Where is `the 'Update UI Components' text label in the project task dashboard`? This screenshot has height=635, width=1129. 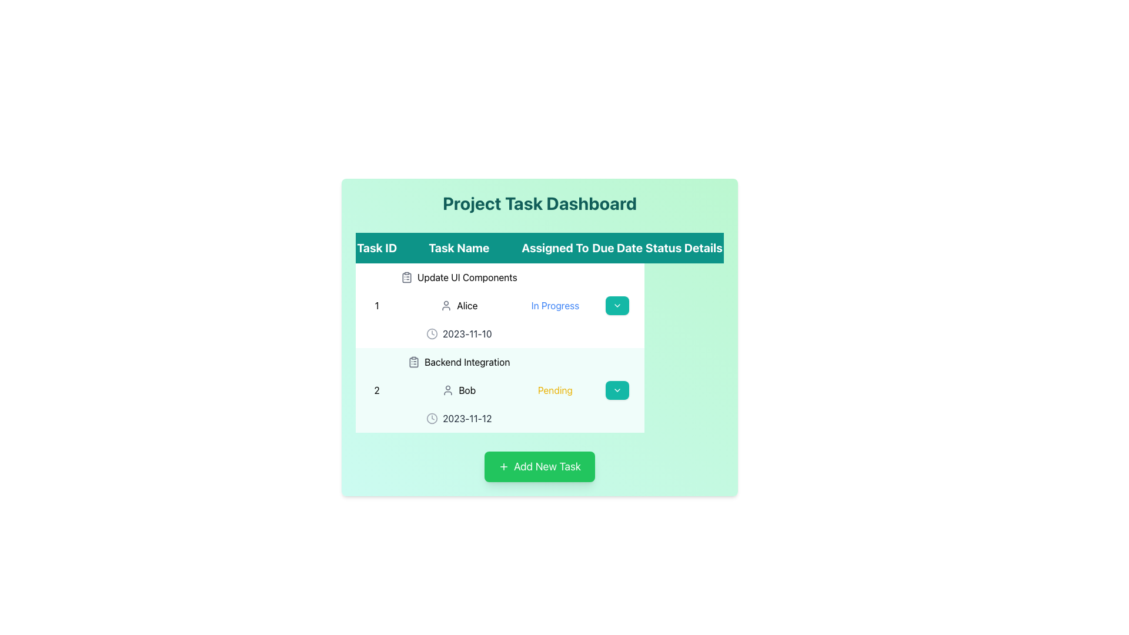
the 'Update UI Components' text label in the project task dashboard is located at coordinates (458, 277).